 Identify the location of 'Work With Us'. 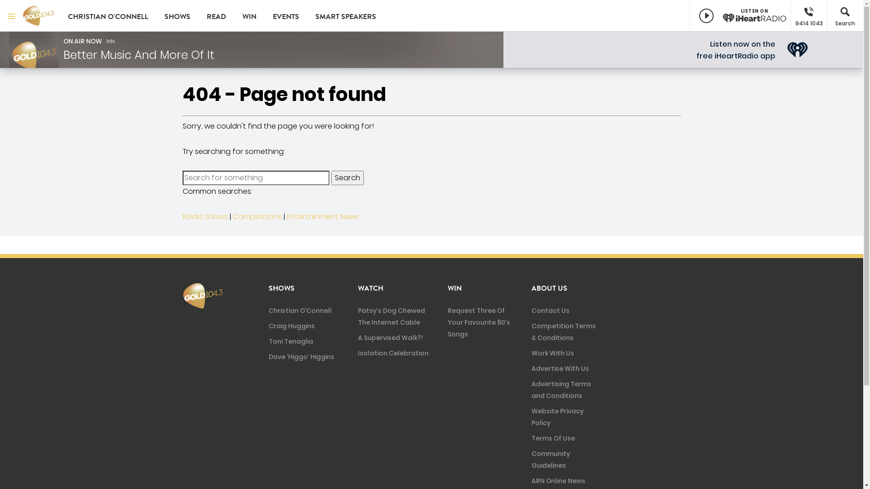
(531, 352).